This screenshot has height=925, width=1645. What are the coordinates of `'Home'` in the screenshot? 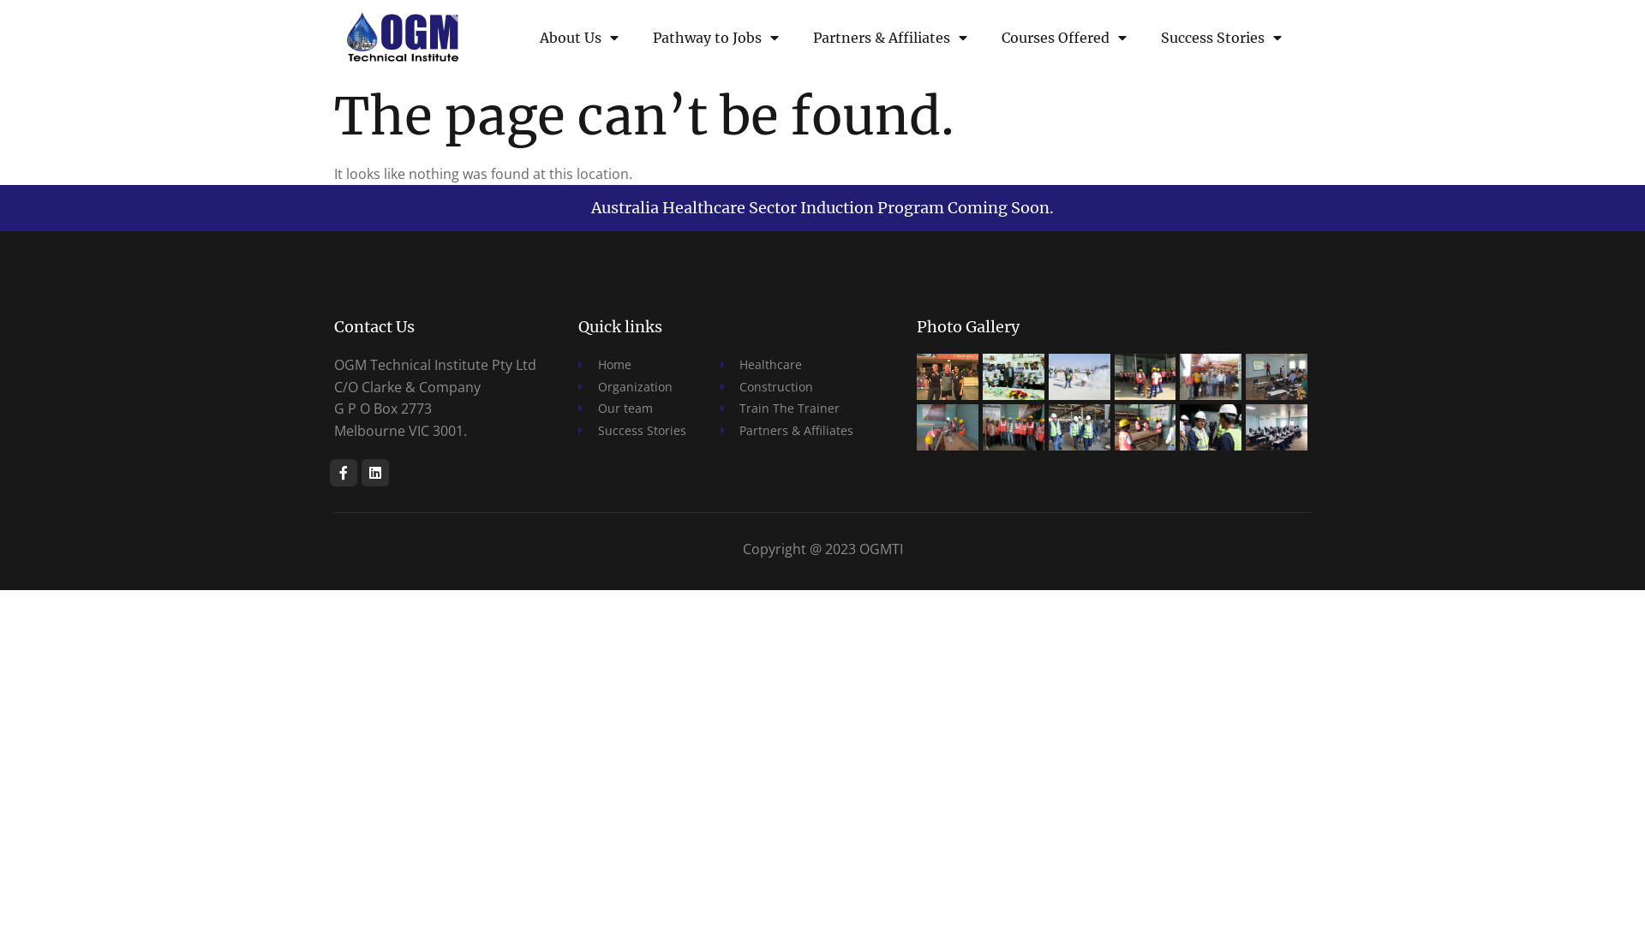 It's located at (631, 363).